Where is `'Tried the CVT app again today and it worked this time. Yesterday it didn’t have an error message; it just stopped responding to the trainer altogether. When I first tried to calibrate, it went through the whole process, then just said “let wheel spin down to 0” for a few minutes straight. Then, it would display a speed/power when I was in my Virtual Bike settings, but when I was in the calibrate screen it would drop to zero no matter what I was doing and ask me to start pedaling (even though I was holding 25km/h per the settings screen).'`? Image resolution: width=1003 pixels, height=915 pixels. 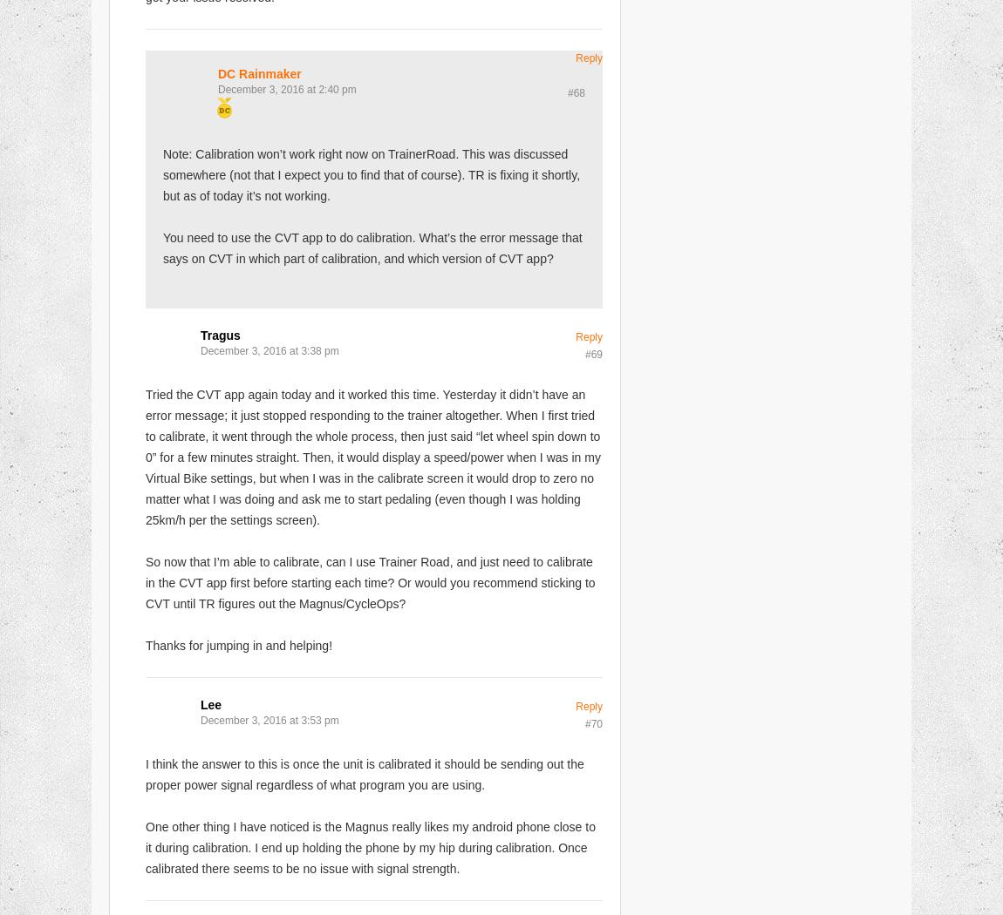 'Tried the CVT app again today and it worked this time. Yesterday it didn’t have an error message; it just stopped responding to the trainer altogether. When I first tried to calibrate, it went through the whole process, then just said “let wheel spin down to 0” for a few minutes straight. Then, it would display a speed/power when I was in my Virtual Bike settings, but when I was in the calibrate screen it would drop to zero no matter what I was doing and ask me to start pedaling (even though I was holding 25km/h per the settings screen).' is located at coordinates (372, 455).